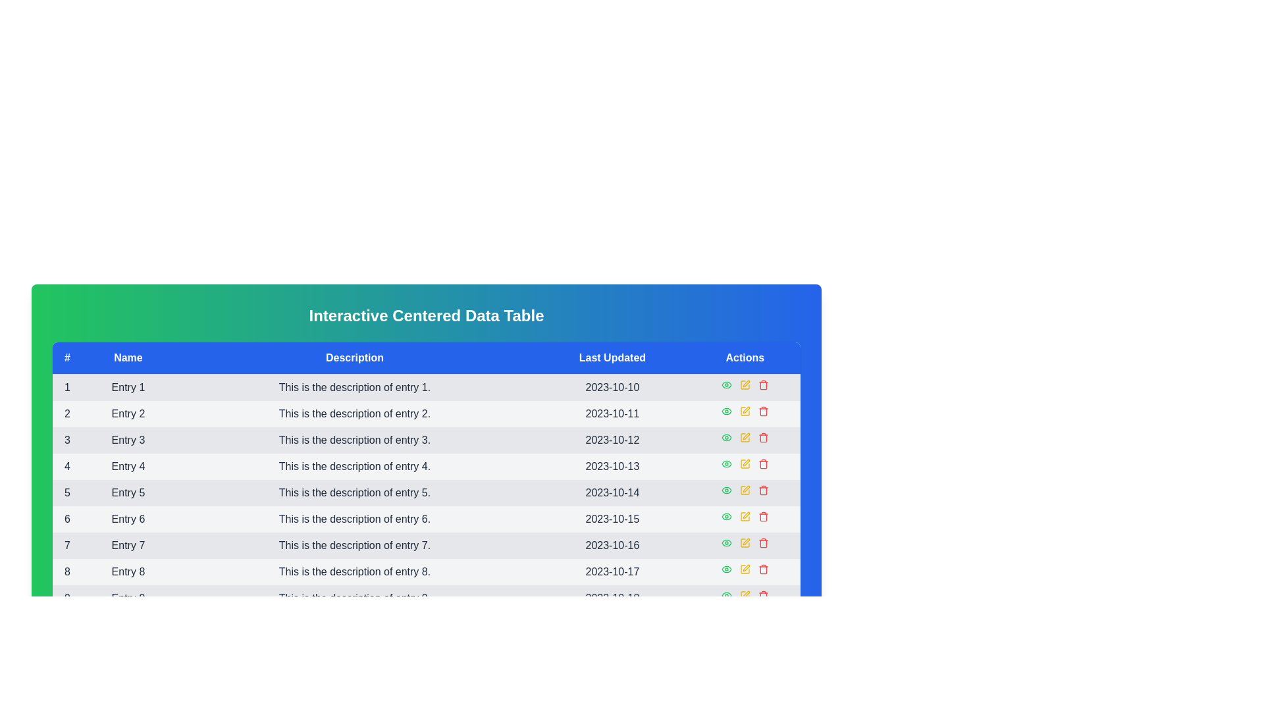 The image size is (1264, 711). What do you see at coordinates (354, 358) in the screenshot?
I see `the column header to sort the data by Description` at bounding box center [354, 358].